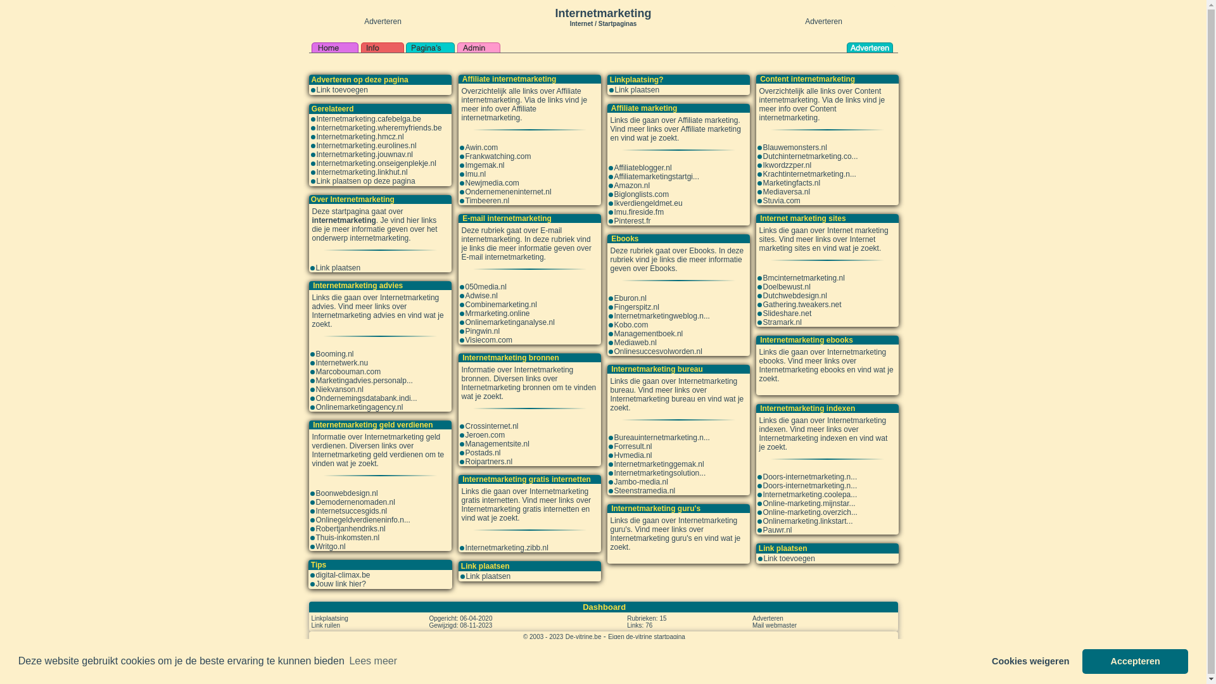 This screenshot has width=1216, height=684. I want to click on 'Link ruilen', so click(326, 624).